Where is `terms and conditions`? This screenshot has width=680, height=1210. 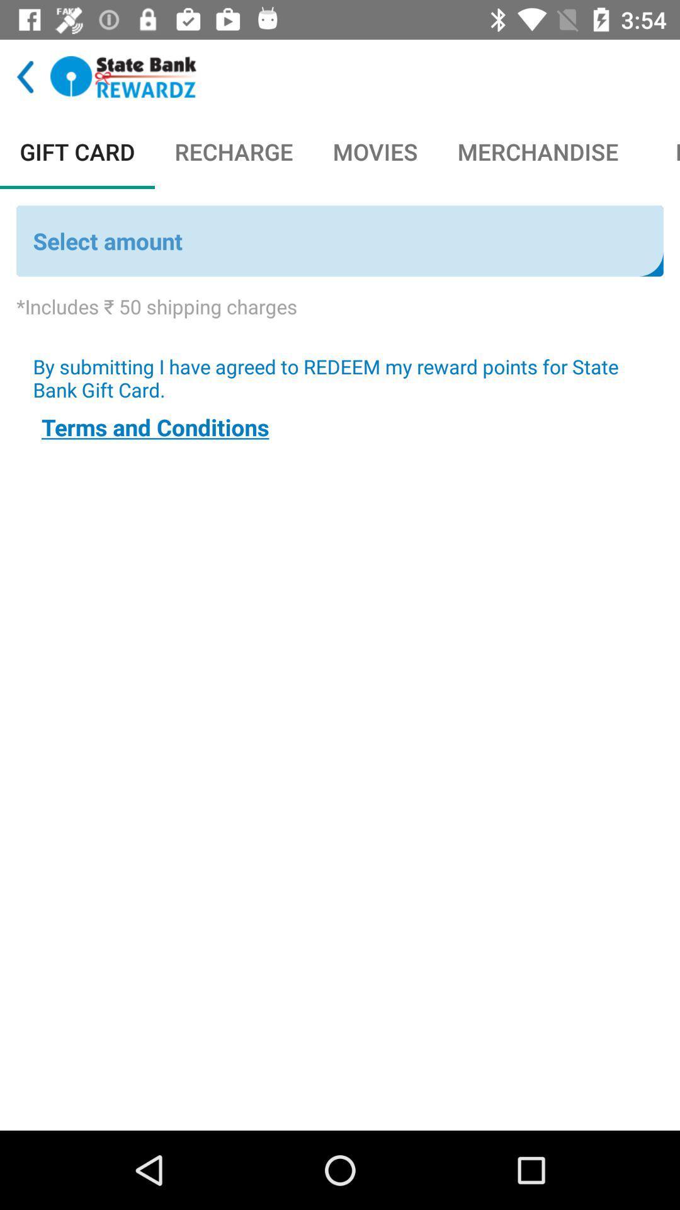 terms and conditions is located at coordinates (154, 427).